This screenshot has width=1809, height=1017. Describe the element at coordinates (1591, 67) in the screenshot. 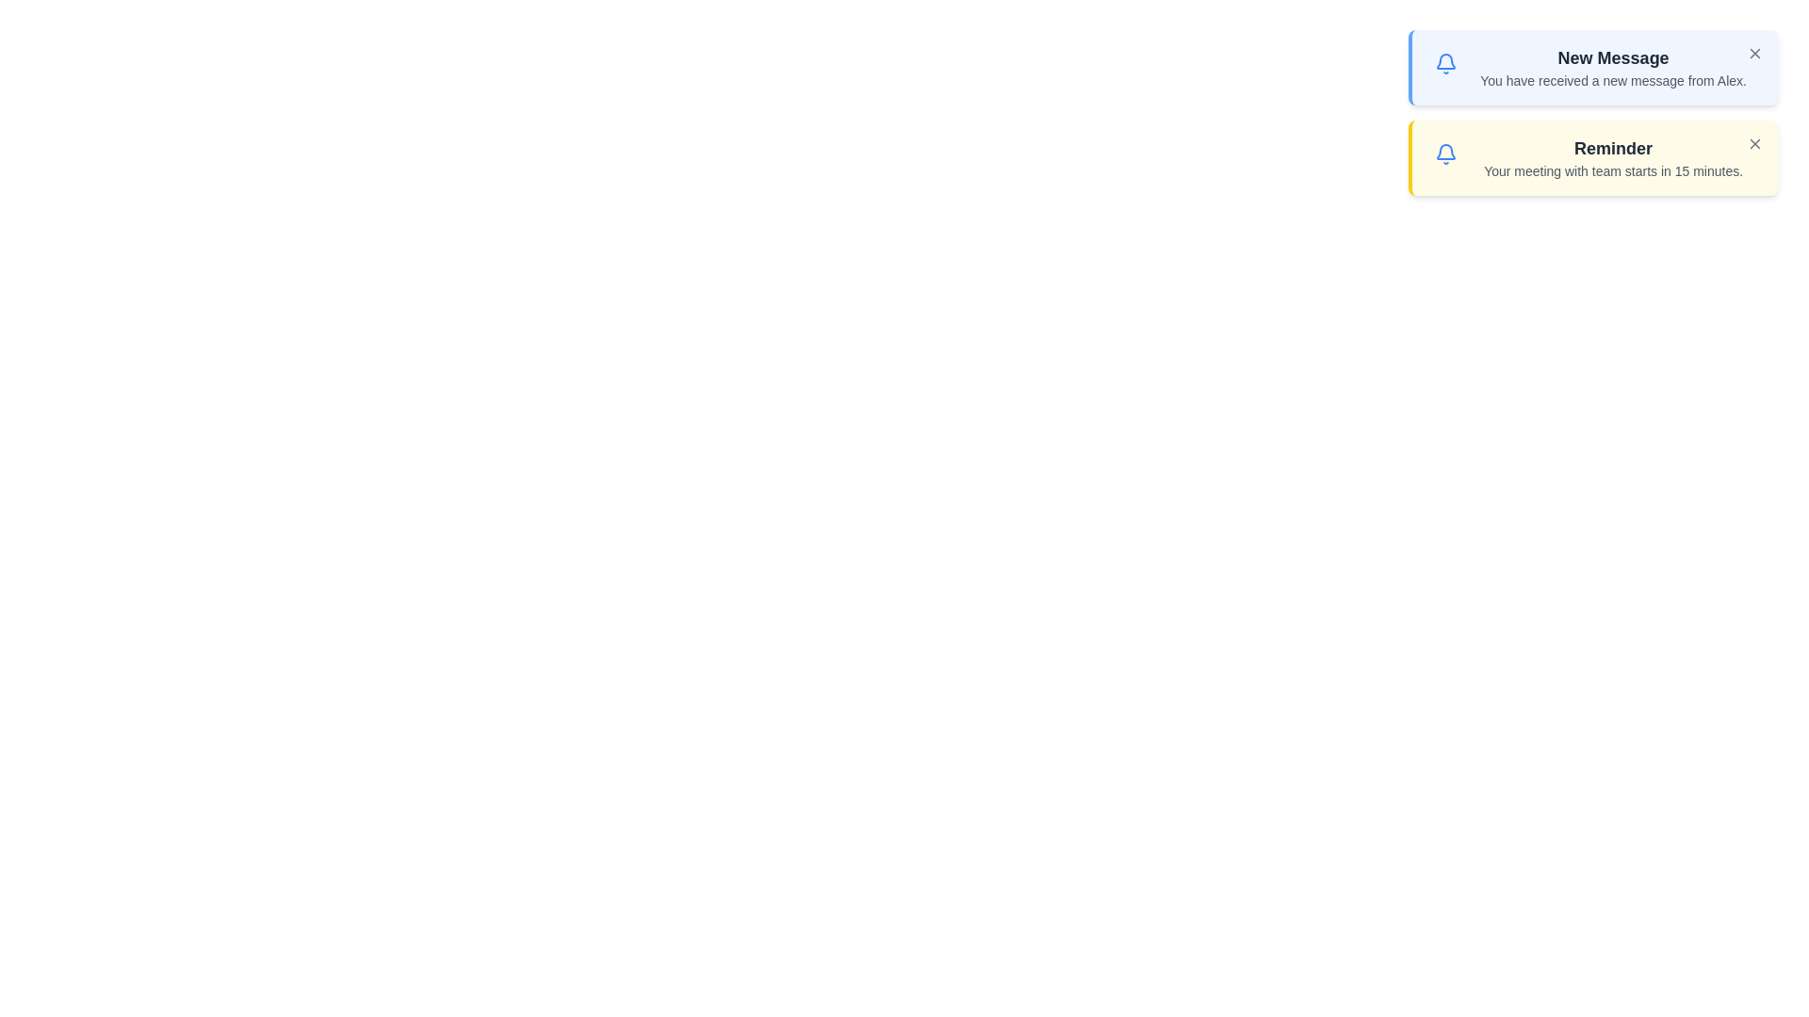

I see `the notification to view its details` at that location.